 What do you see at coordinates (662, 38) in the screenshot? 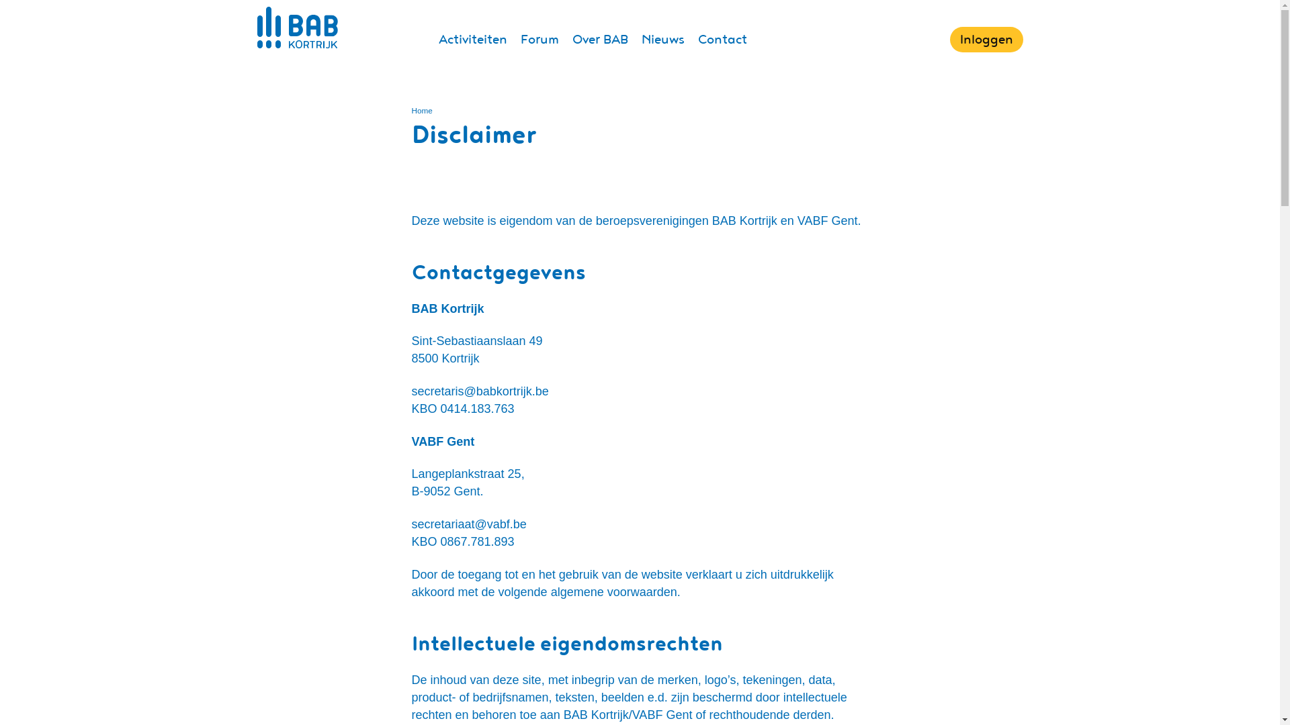
I see `'Nieuws'` at bounding box center [662, 38].